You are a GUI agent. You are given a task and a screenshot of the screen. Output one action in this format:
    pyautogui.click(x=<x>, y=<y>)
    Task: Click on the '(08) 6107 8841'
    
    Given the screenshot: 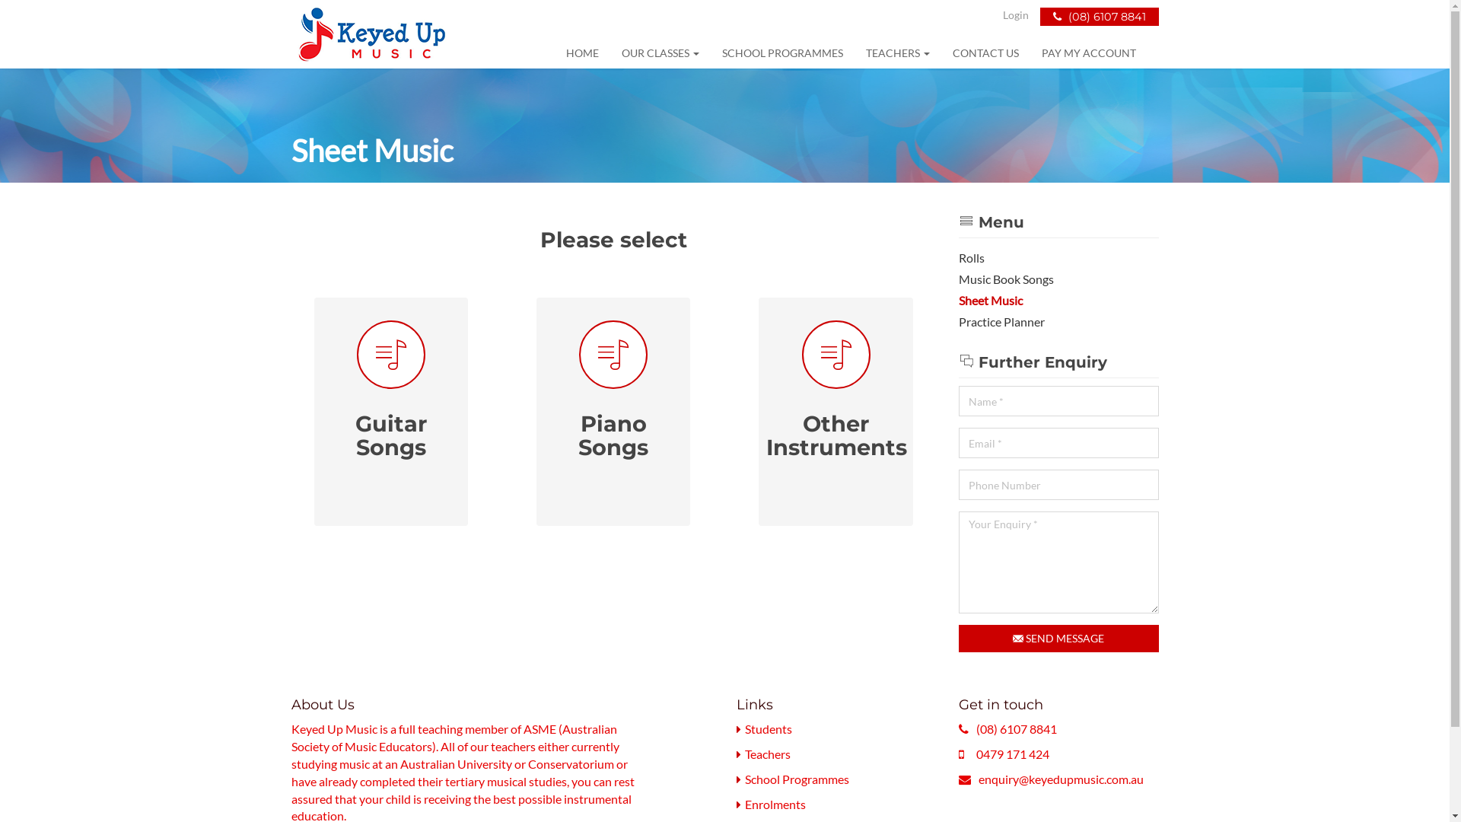 What is the action you would take?
    pyautogui.click(x=1016, y=728)
    